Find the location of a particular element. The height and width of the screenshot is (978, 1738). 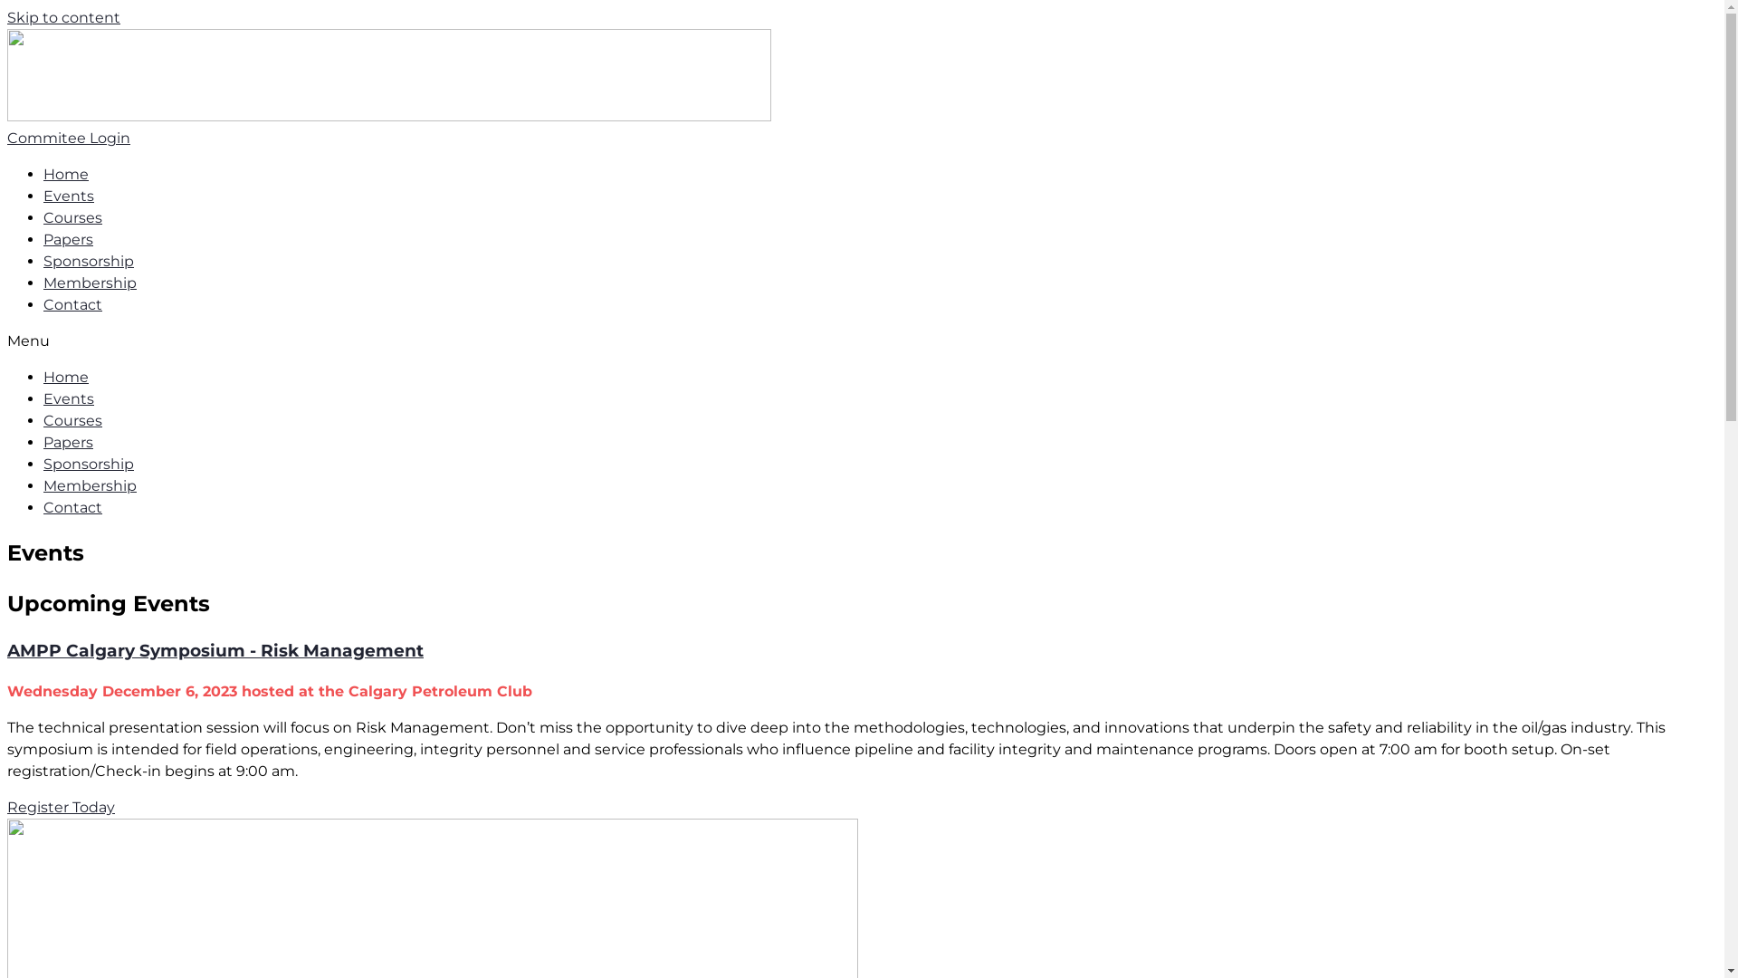

'Commitee Login' is located at coordinates (69, 137).